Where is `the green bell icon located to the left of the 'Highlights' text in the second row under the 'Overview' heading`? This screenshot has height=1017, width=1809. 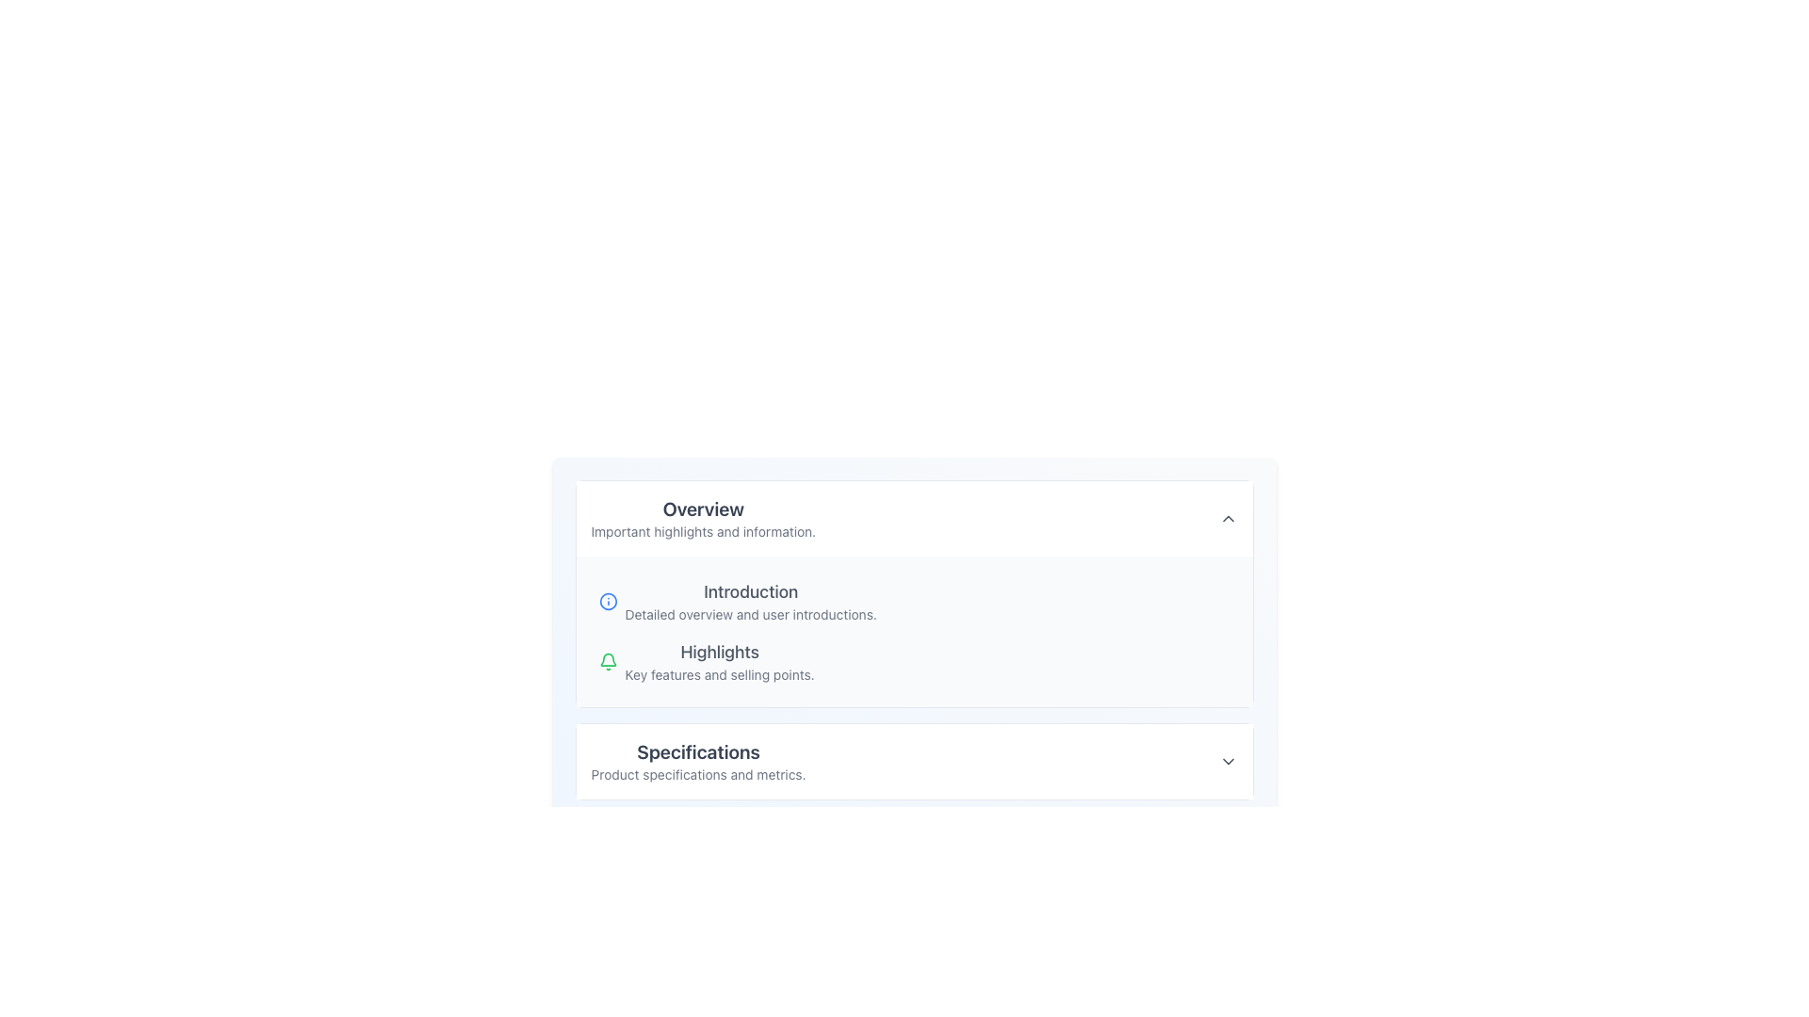
the green bell icon located to the left of the 'Highlights' text in the second row under the 'Overview' heading is located at coordinates (608, 660).